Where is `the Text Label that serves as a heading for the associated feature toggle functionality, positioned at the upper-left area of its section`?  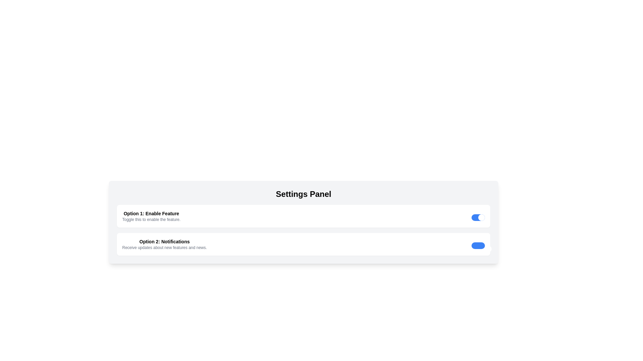 the Text Label that serves as a heading for the associated feature toggle functionality, positioned at the upper-left area of its section is located at coordinates (151, 214).